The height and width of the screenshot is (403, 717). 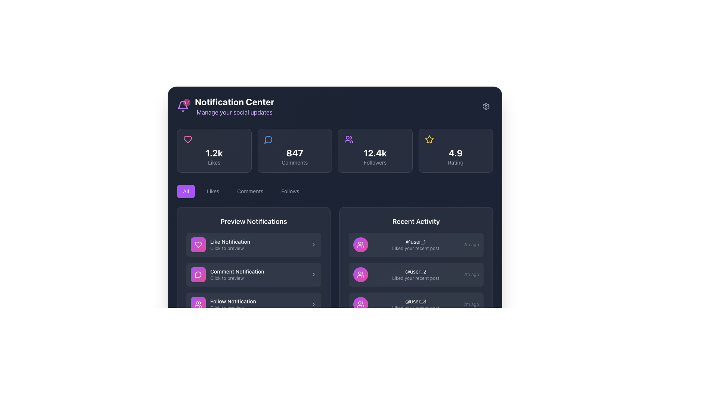 What do you see at coordinates (198, 275) in the screenshot?
I see `the circular icon featuring a speech bubble with a tail pointing upwards, located in the 'Recent Activity' section of the main interface, positioned first amongst a horizontal row of icons` at bounding box center [198, 275].